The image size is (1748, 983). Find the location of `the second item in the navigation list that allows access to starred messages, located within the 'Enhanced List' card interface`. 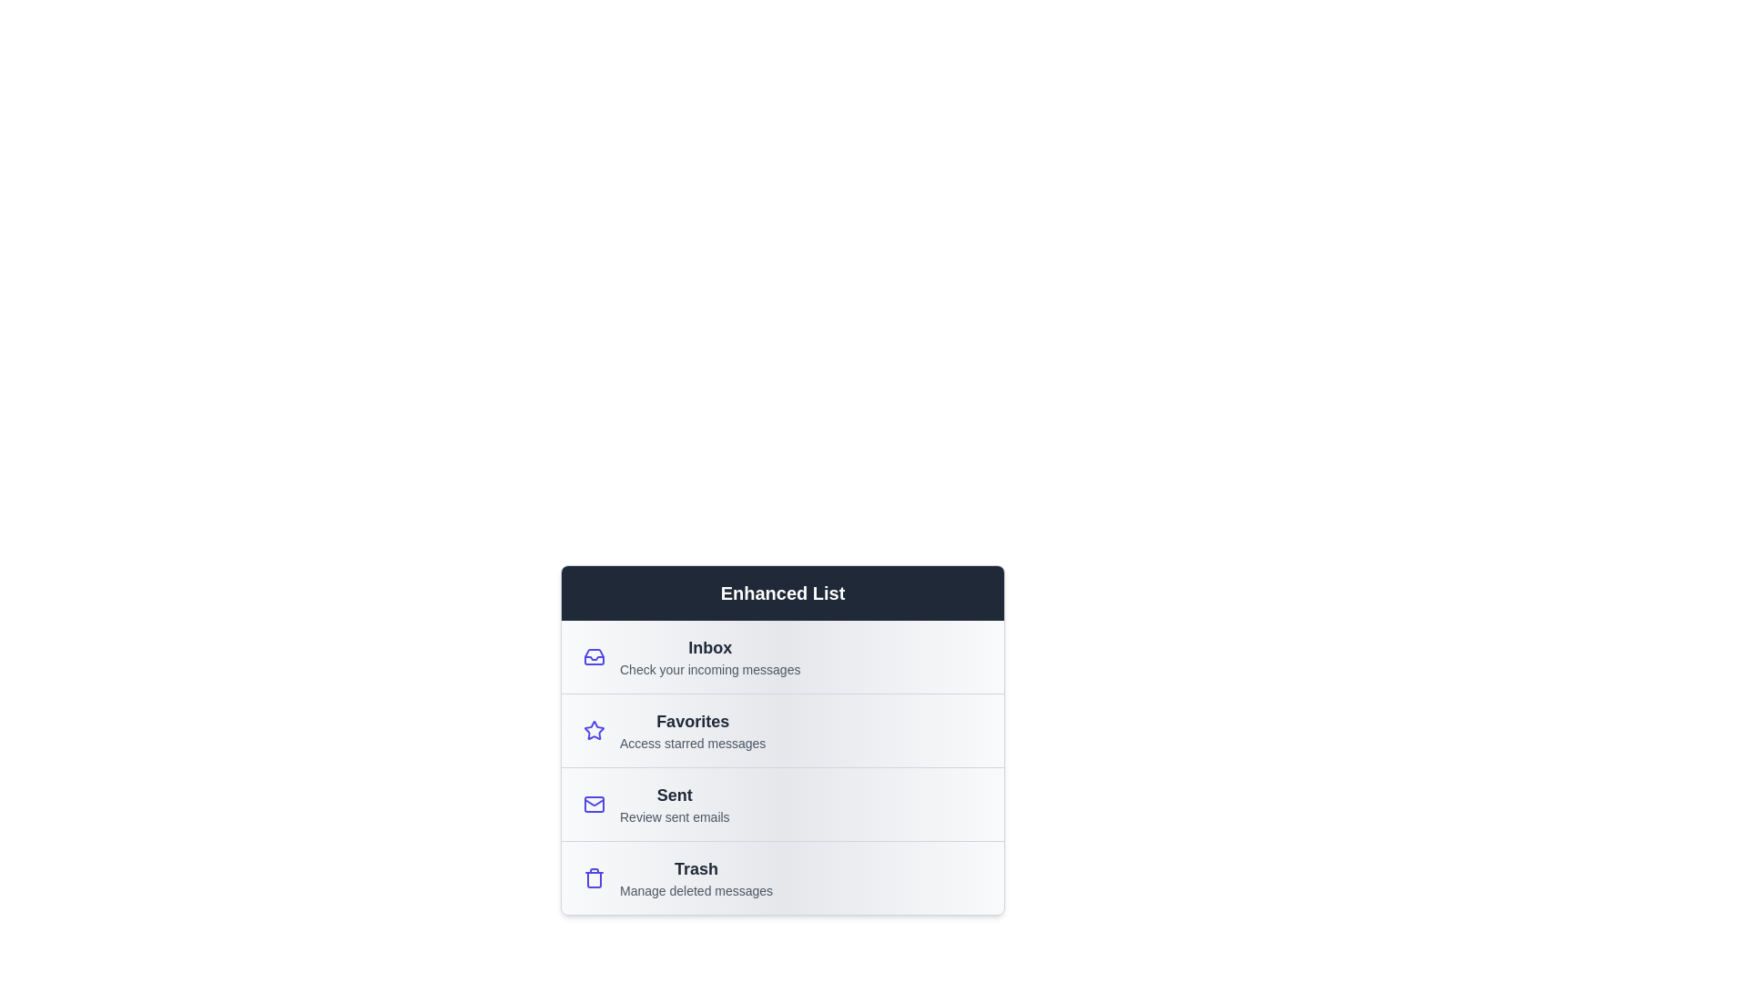

the second item in the navigation list that allows access to starred messages, located within the 'Enhanced List' card interface is located at coordinates (782, 734).